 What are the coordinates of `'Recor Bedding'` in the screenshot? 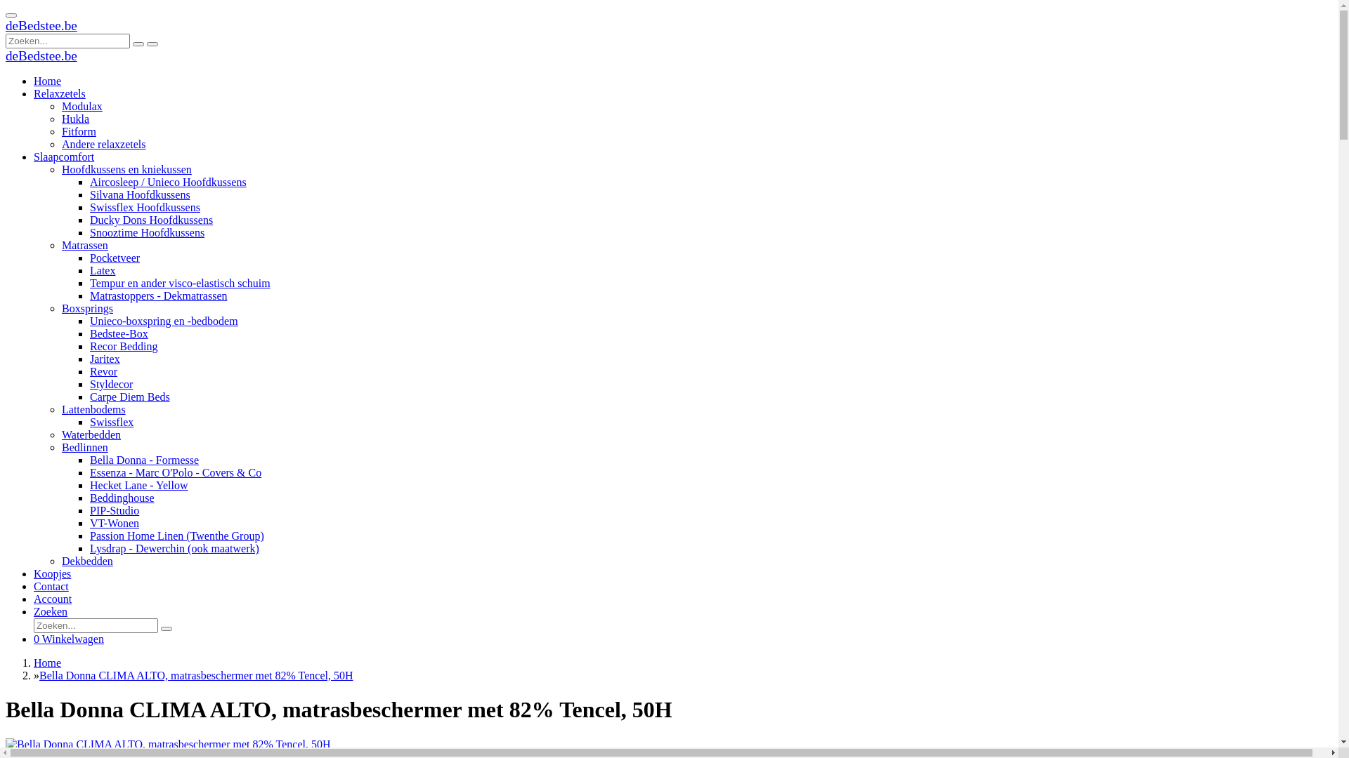 It's located at (124, 346).